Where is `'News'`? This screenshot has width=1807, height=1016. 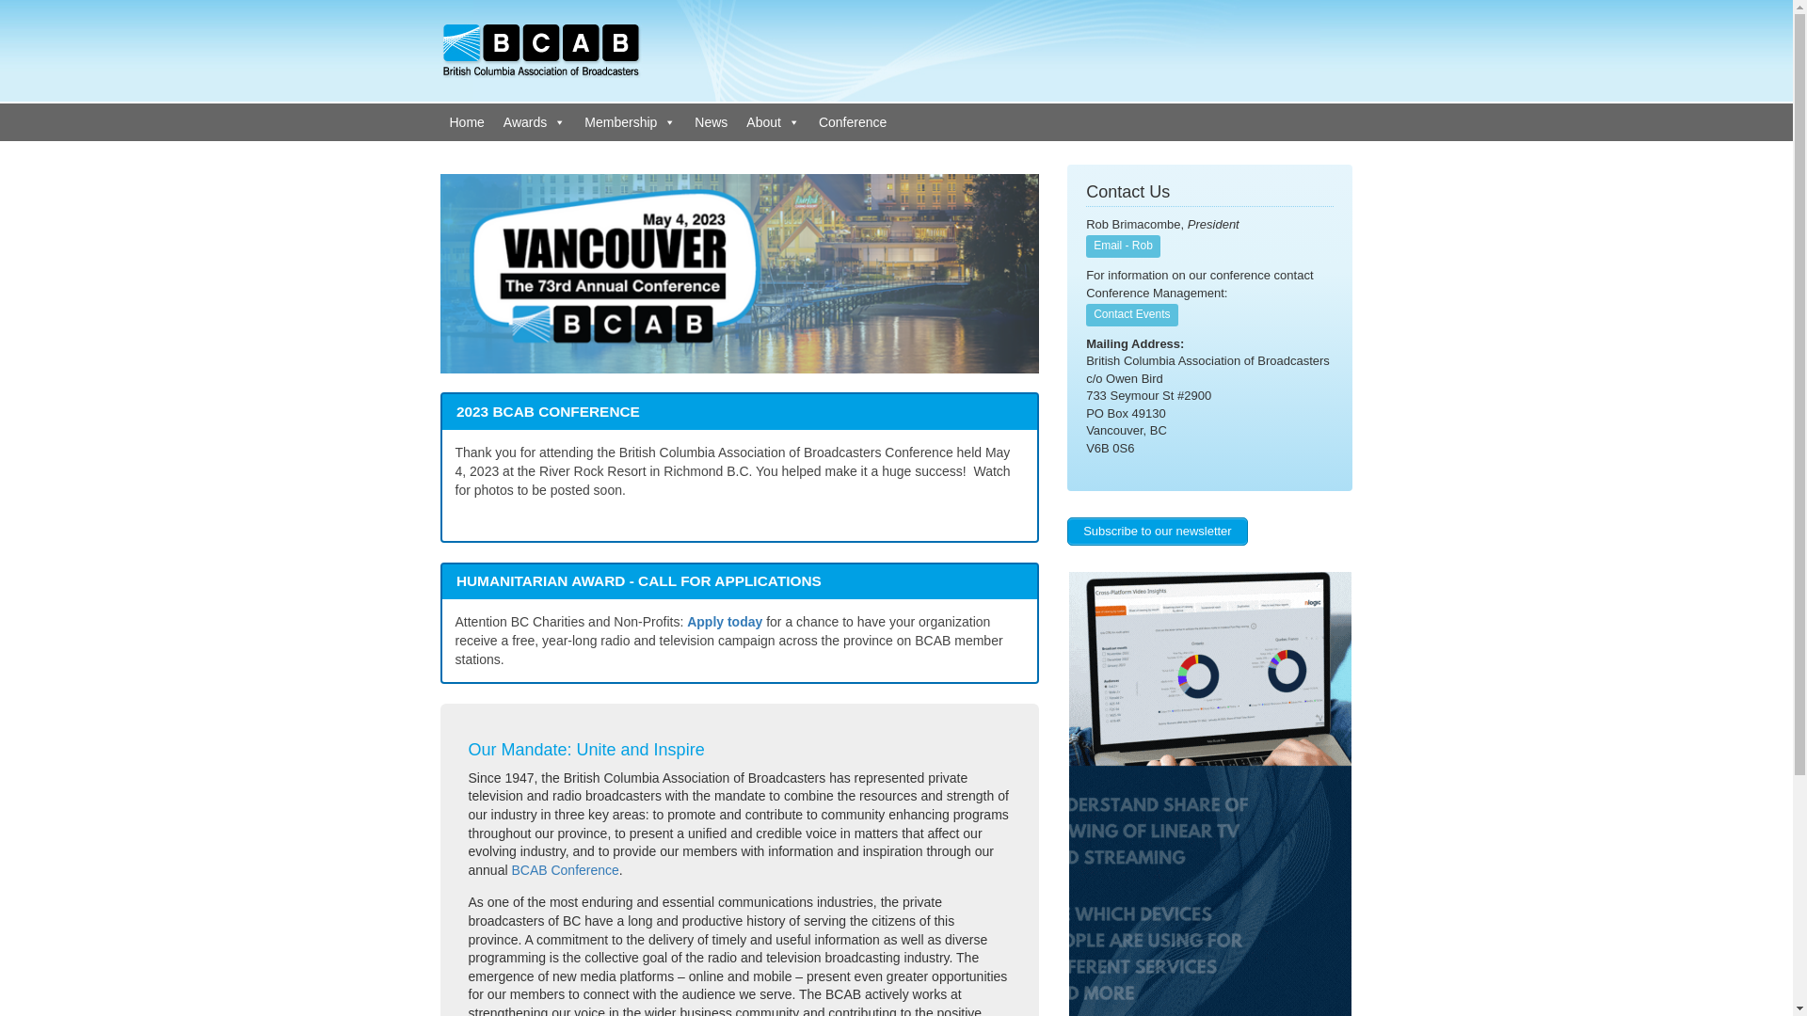 'News' is located at coordinates (684, 122).